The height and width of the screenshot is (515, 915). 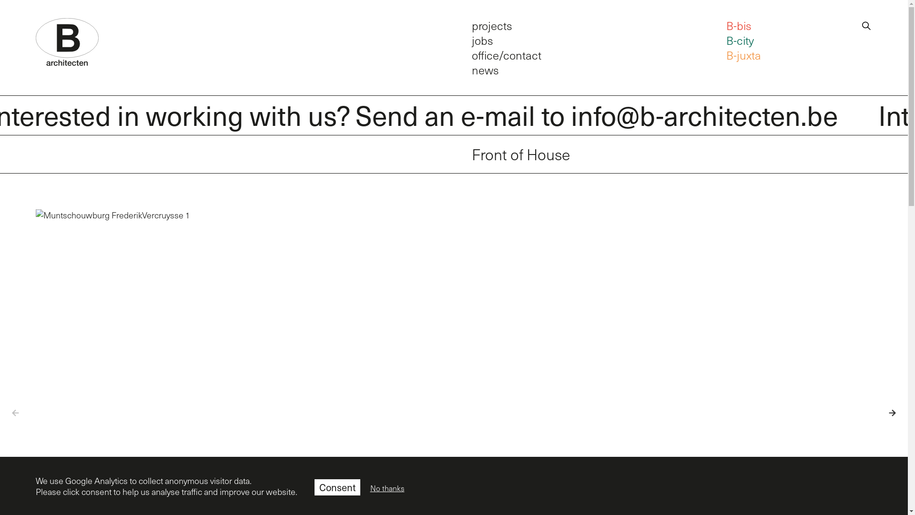 What do you see at coordinates (740, 40) in the screenshot?
I see `'B-city'` at bounding box center [740, 40].